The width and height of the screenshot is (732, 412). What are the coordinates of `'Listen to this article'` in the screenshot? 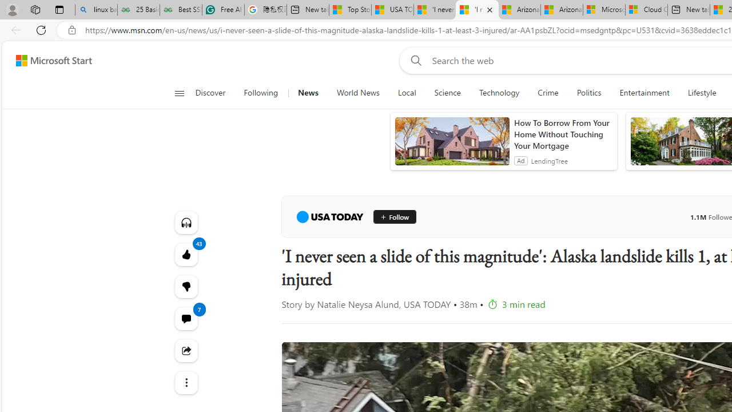 It's located at (186, 222).